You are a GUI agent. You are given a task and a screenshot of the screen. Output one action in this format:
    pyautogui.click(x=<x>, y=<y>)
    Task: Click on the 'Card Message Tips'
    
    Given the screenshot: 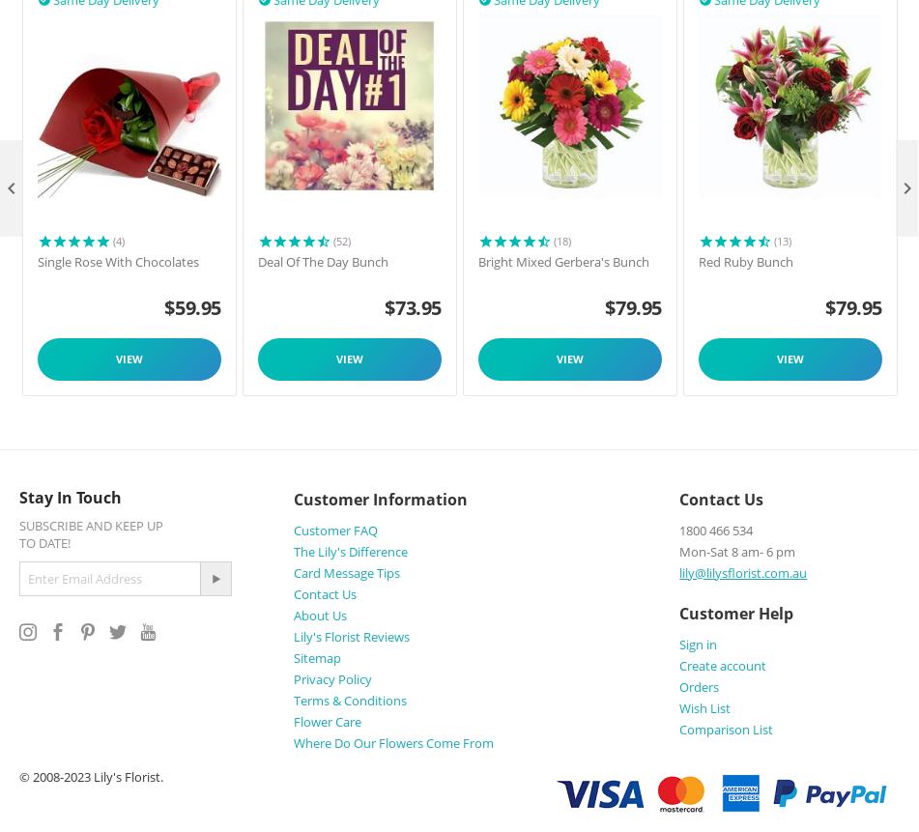 What is the action you would take?
    pyautogui.click(x=345, y=571)
    